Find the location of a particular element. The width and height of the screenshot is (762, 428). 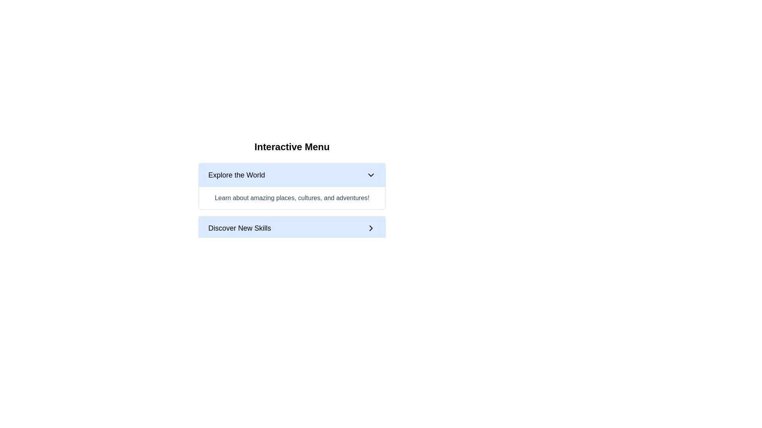

the rightward-pointing chevron icon located at the far right side of the 'Discover New Skills' button is located at coordinates (371, 228).